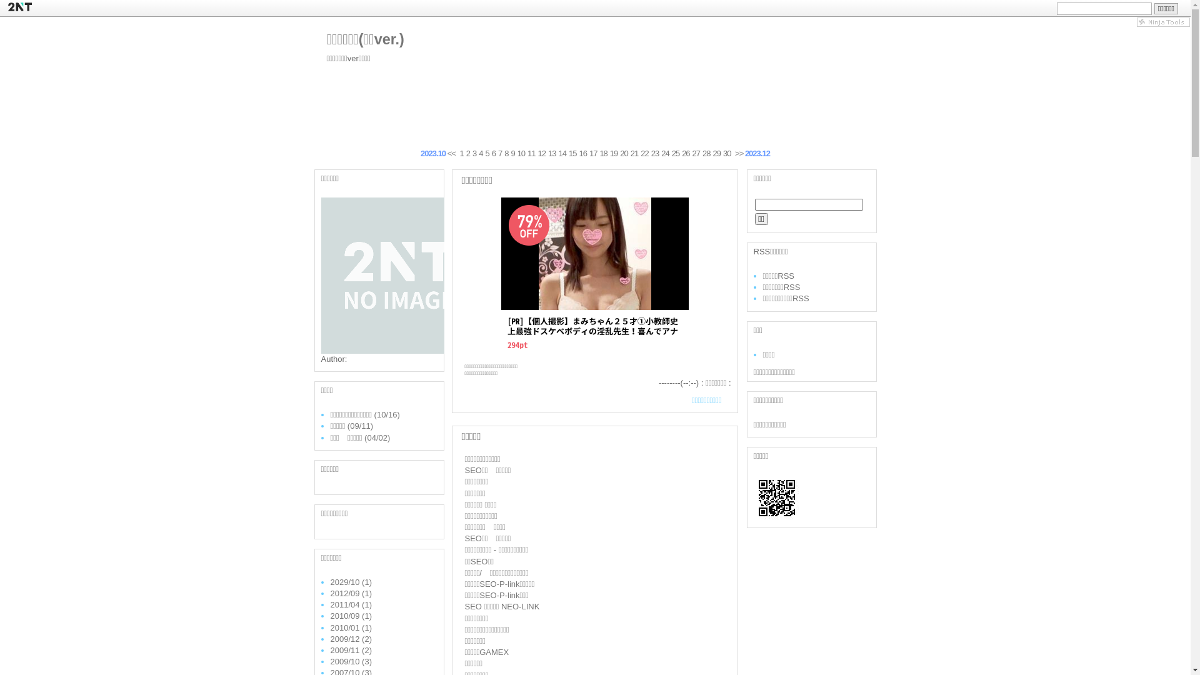 The height and width of the screenshot is (675, 1200). What do you see at coordinates (350, 604) in the screenshot?
I see `'2011/04 (1)'` at bounding box center [350, 604].